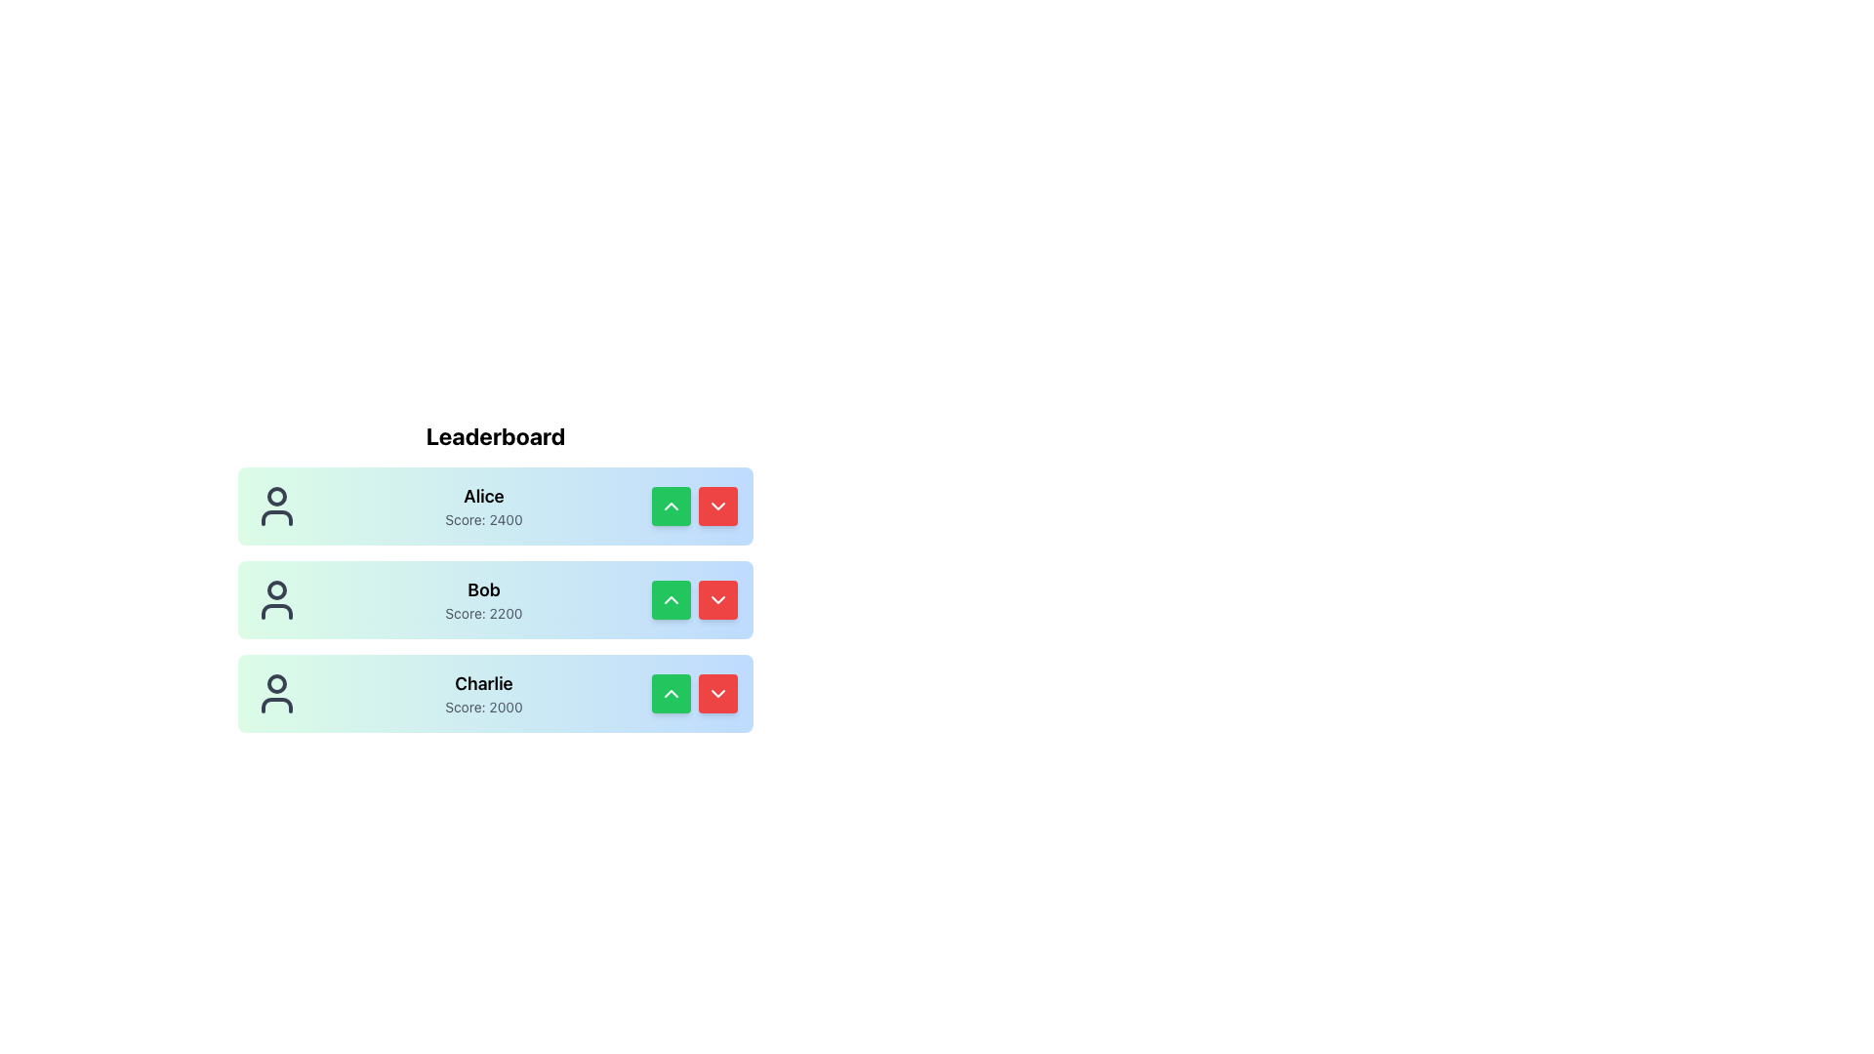 The width and height of the screenshot is (1874, 1054). What do you see at coordinates (716, 598) in the screenshot?
I see `the downward chevron icon located in the middle of the red button in the 'Bob' section of the leaderboard` at bounding box center [716, 598].